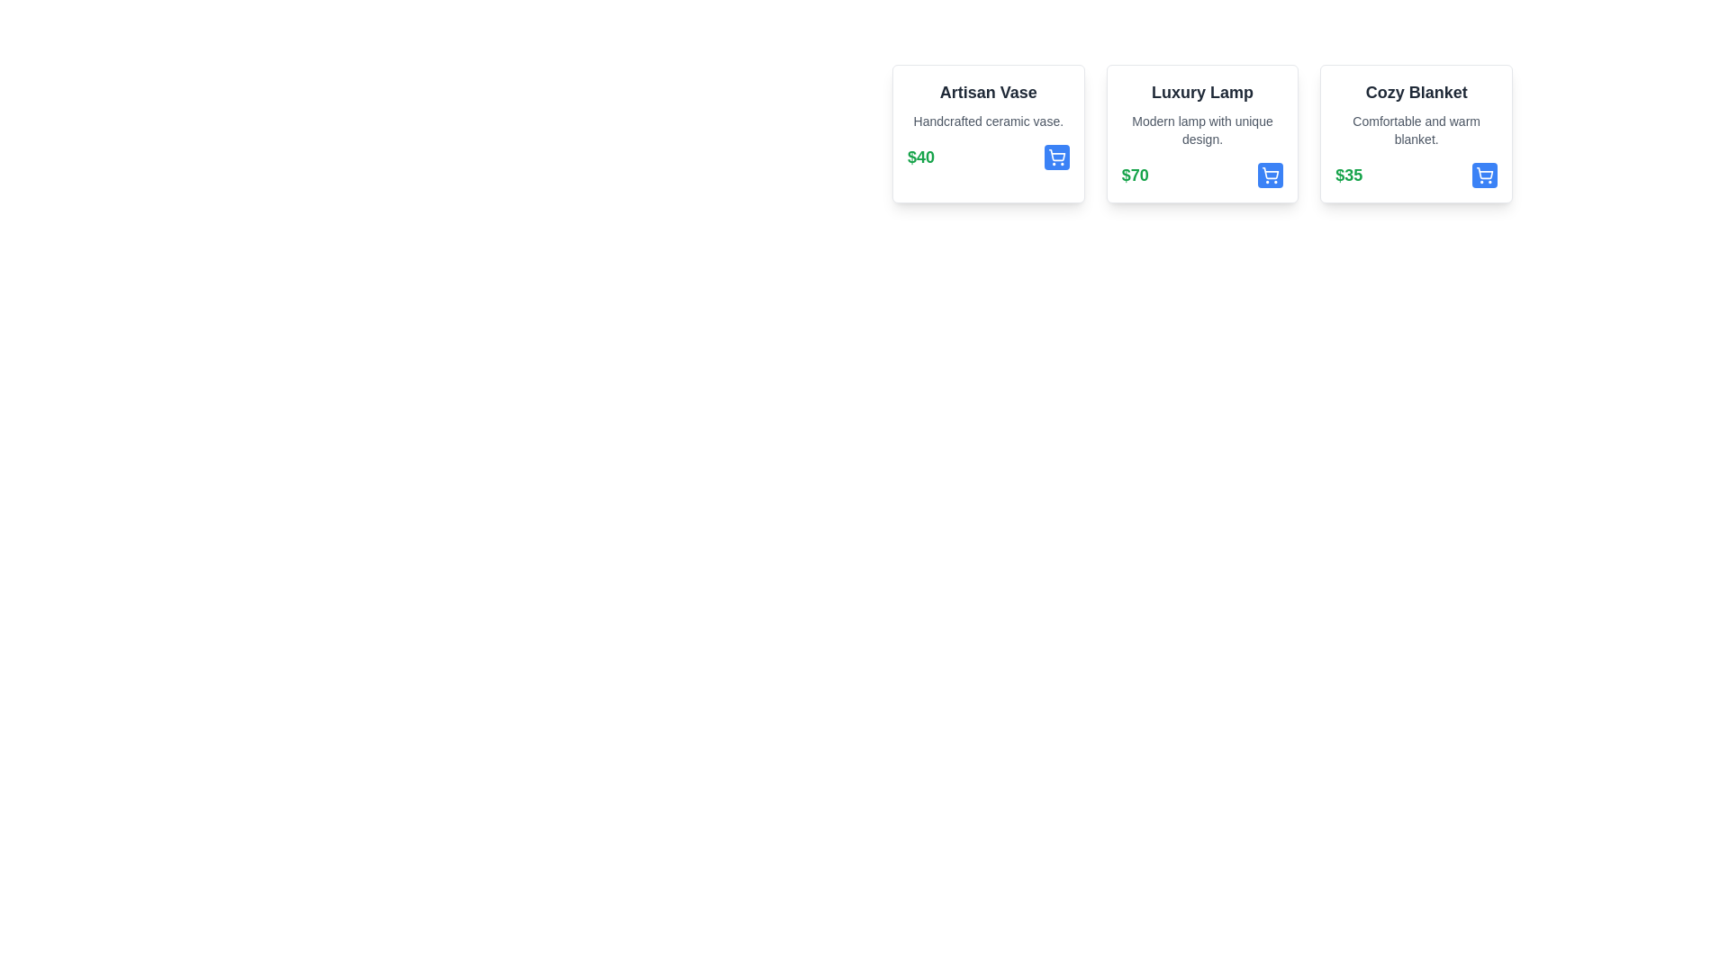  Describe the element at coordinates (1485, 173) in the screenshot. I see `the central portion of the shopping cart icon in the 'Cozy Blanket' product card` at that location.